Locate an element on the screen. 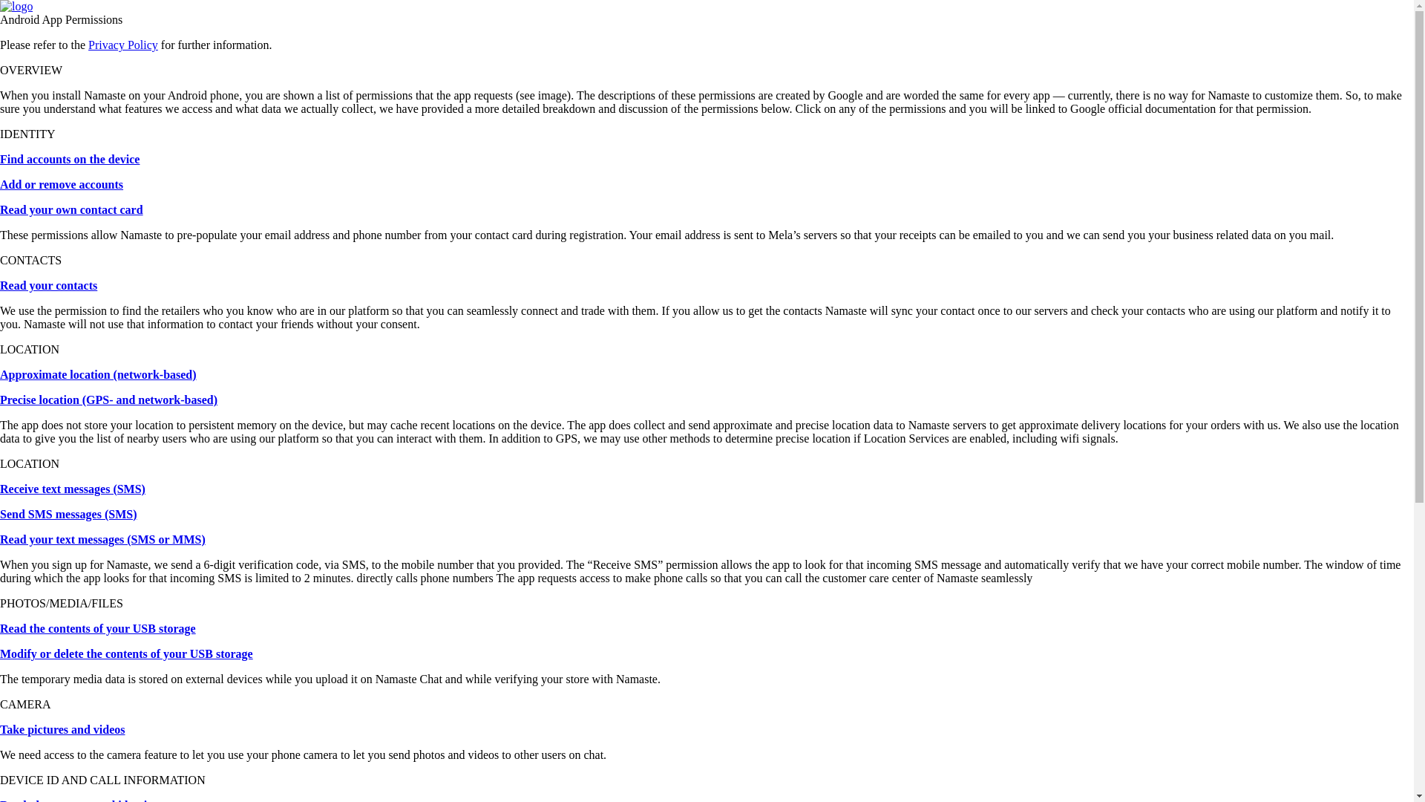 The width and height of the screenshot is (1425, 802). 'Receive text messages (SMS)' is located at coordinates (71, 489).